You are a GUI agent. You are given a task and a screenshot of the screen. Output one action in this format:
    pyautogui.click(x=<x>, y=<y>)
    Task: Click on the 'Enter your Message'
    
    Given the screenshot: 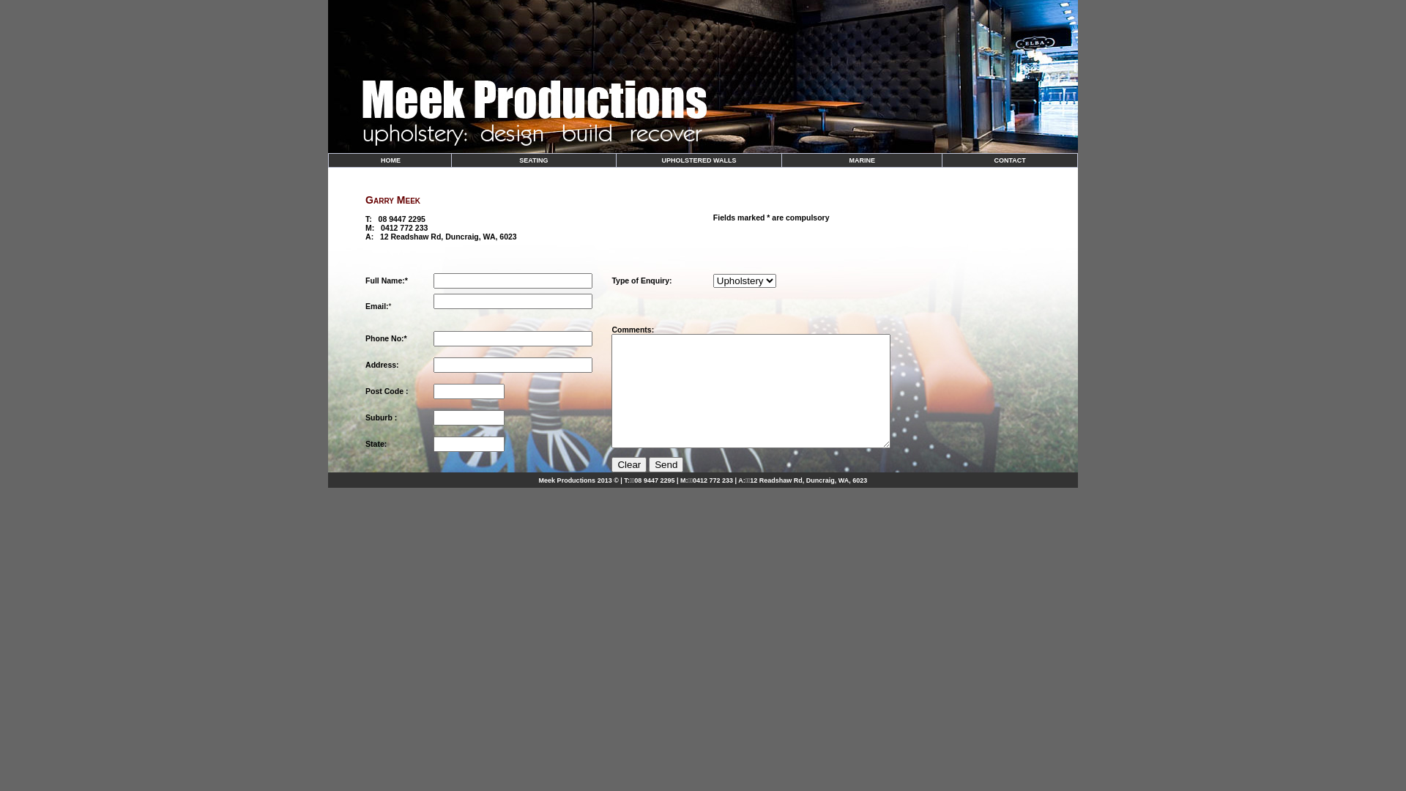 What is the action you would take?
    pyautogui.click(x=751, y=390)
    